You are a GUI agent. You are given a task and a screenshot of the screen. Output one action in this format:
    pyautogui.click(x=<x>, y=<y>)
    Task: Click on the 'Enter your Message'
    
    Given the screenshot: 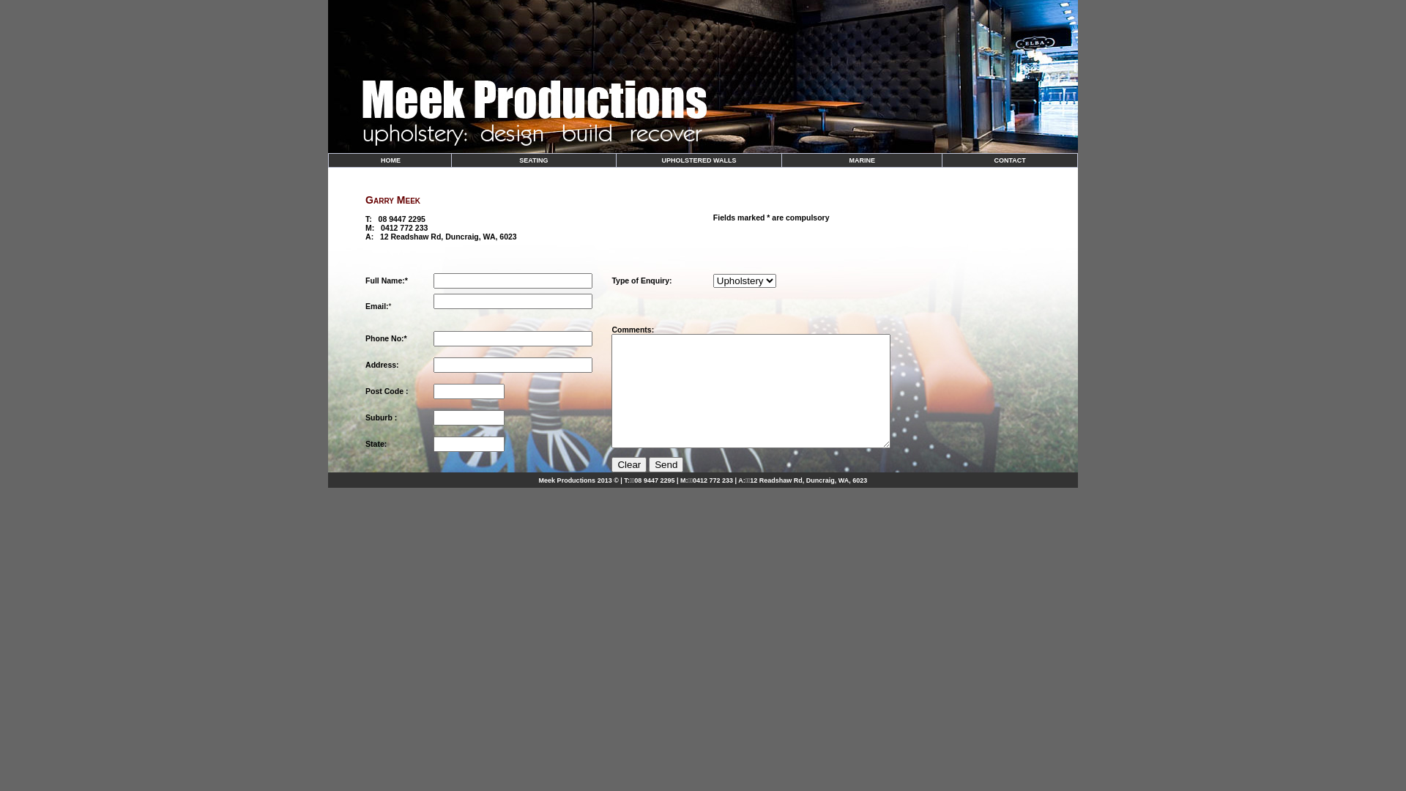 What is the action you would take?
    pyautogui.click(x=751, y=390)
    